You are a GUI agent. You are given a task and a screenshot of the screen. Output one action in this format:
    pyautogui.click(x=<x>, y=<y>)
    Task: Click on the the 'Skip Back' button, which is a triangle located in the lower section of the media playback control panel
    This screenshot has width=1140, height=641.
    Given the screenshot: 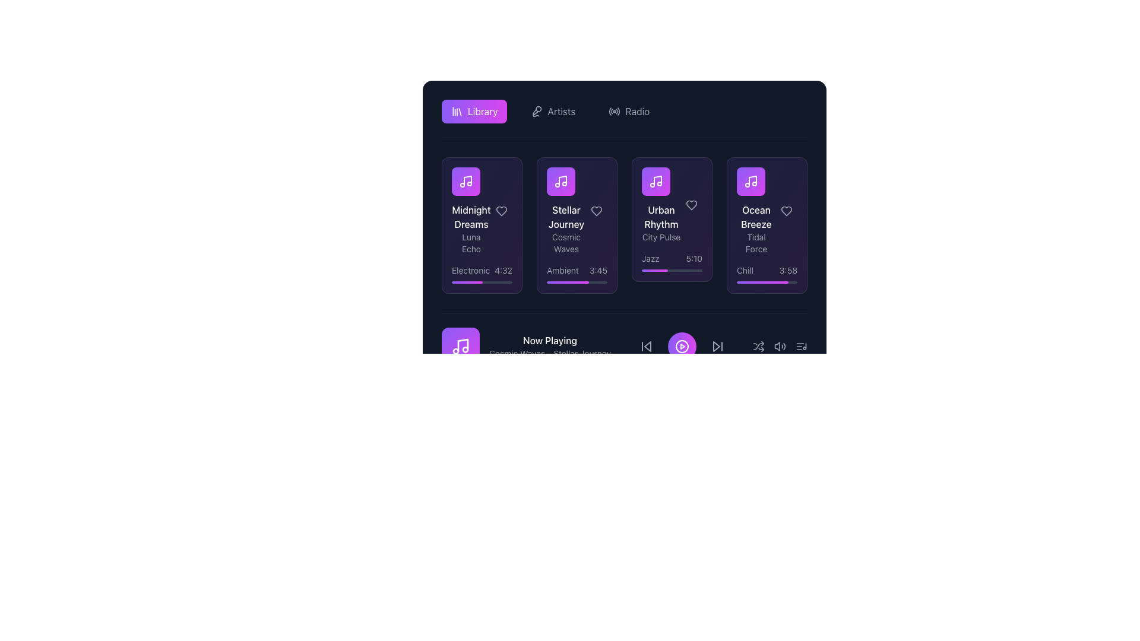 What is the action you would take?
    pyautogui.click(x=647, y=346)
    